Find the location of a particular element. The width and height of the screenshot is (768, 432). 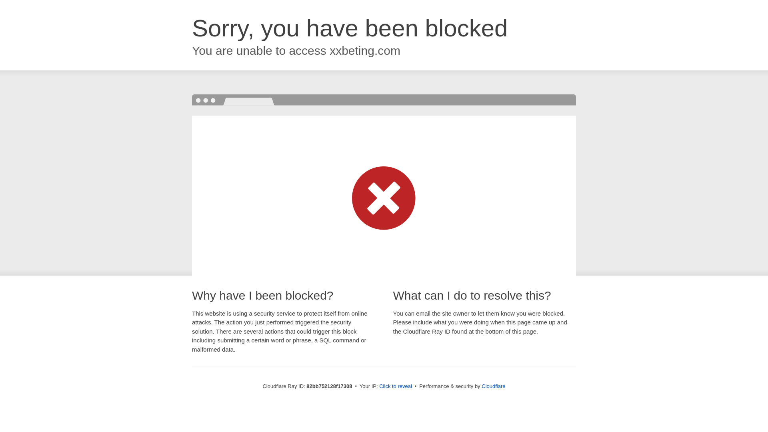

'Click to reveal' is located at coordinates (395, 386).